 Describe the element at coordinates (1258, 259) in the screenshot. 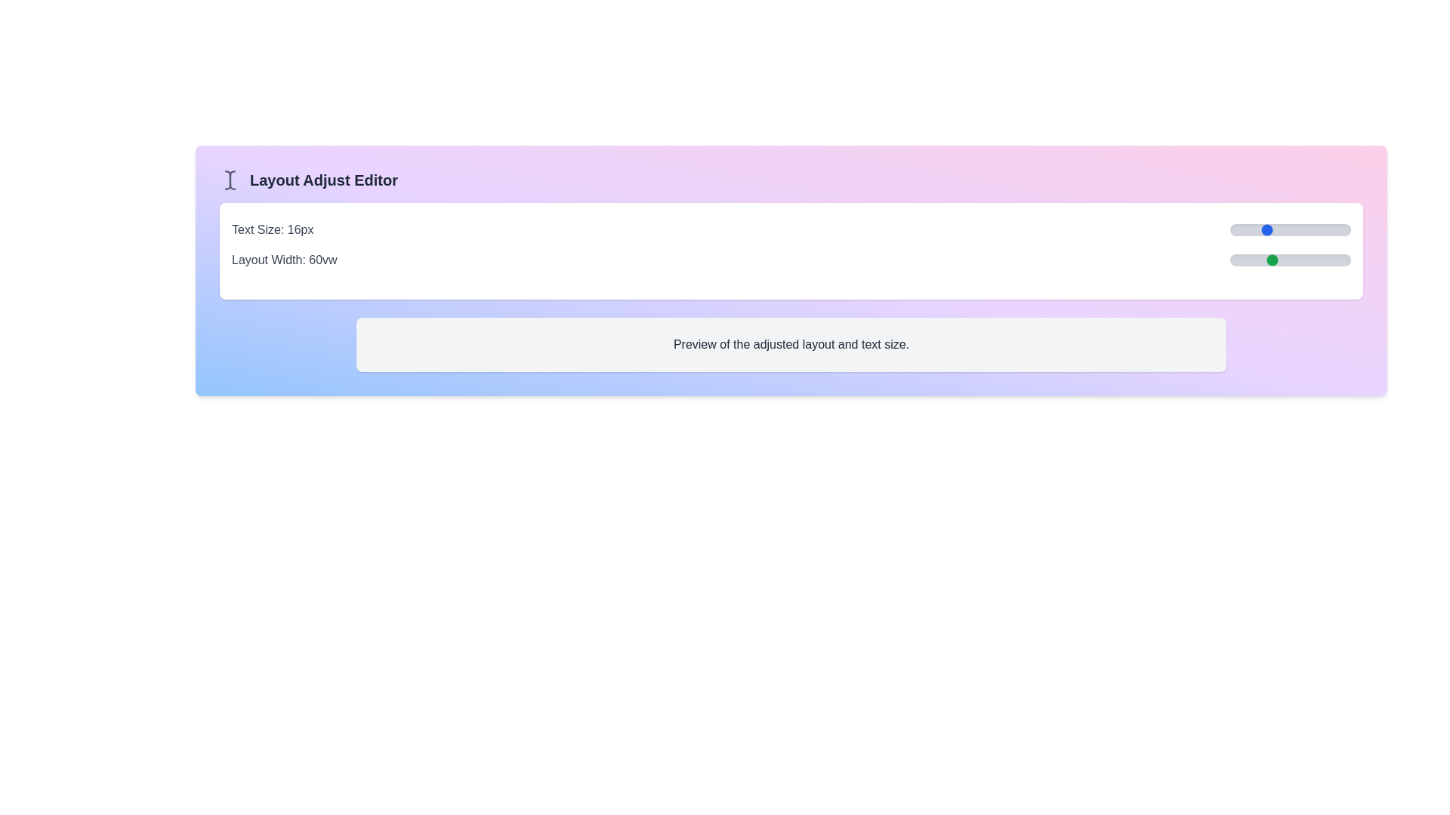

I see `the slider` at that location.